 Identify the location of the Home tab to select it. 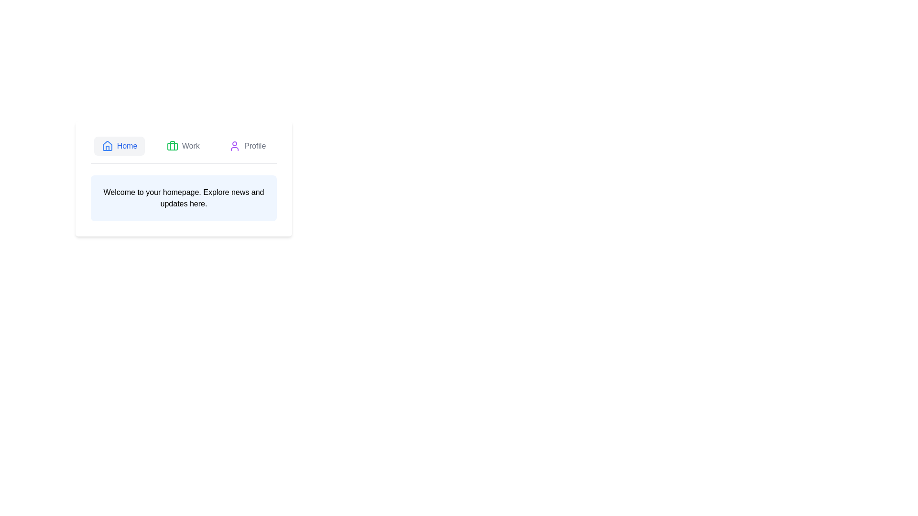
(119, 146).